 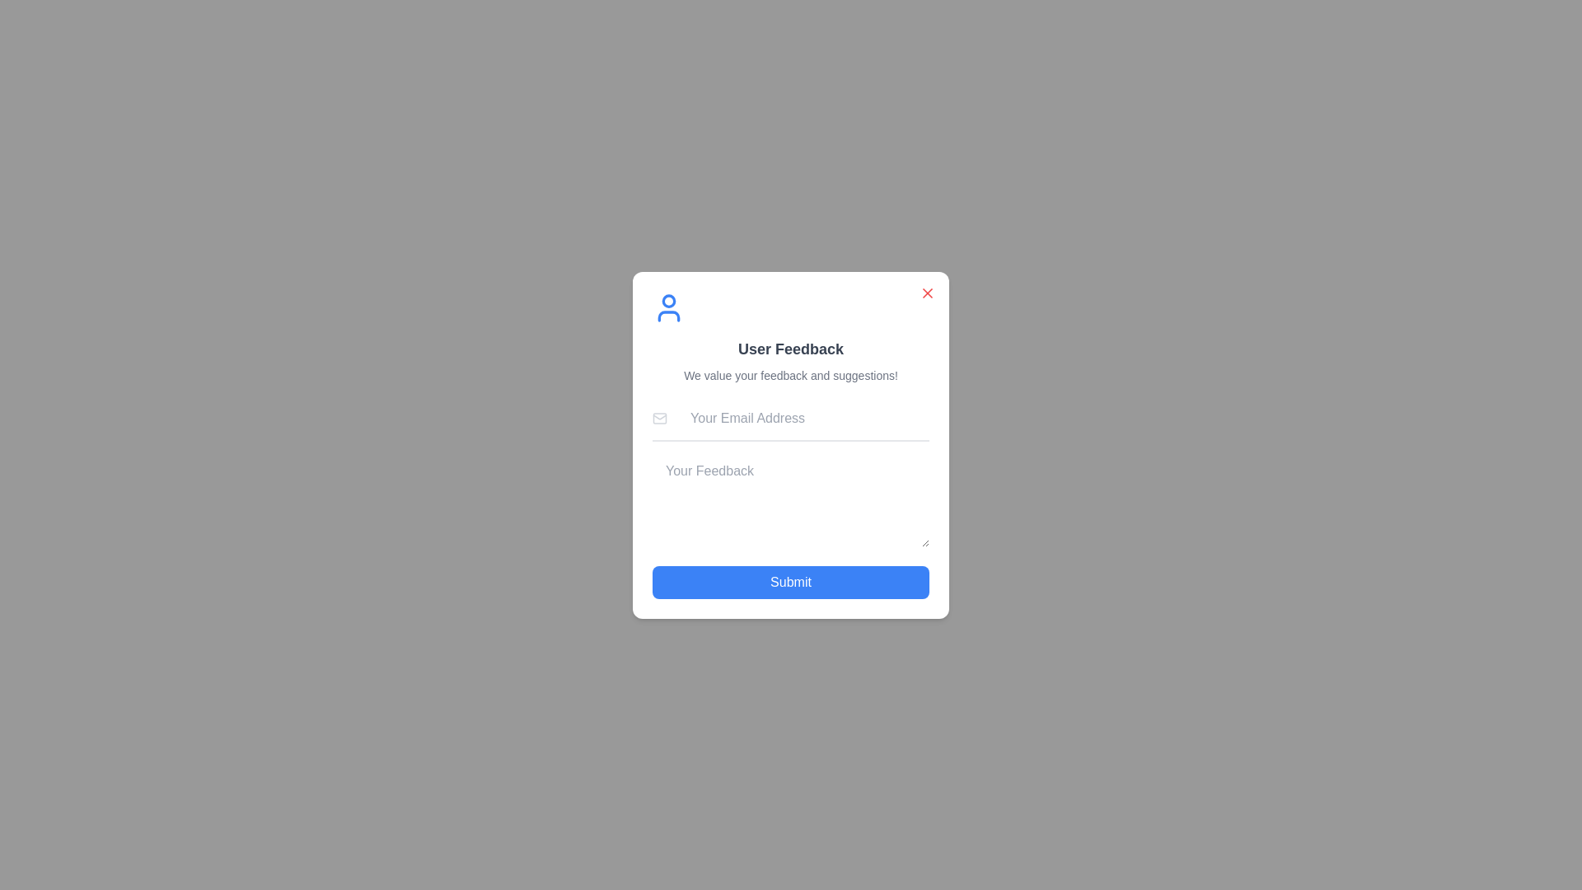 What do you see at coordinates (791, 499) in the screenshot?
I see `the feedback text area and type the feedback text` at bounding box center [791, 499].